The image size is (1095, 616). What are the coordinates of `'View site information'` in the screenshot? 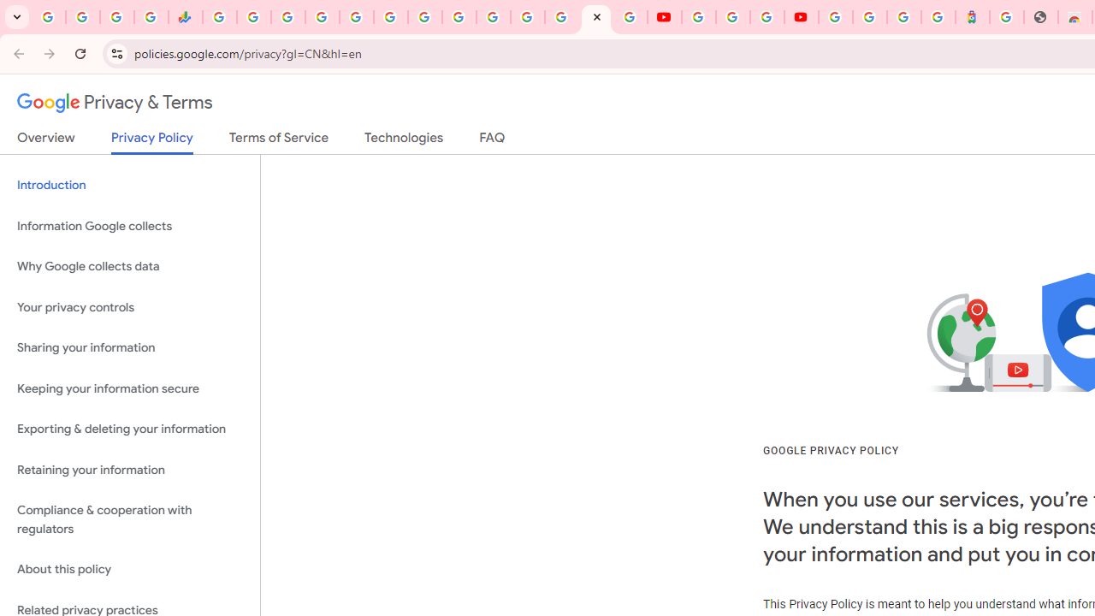 It's located at (115, 52).